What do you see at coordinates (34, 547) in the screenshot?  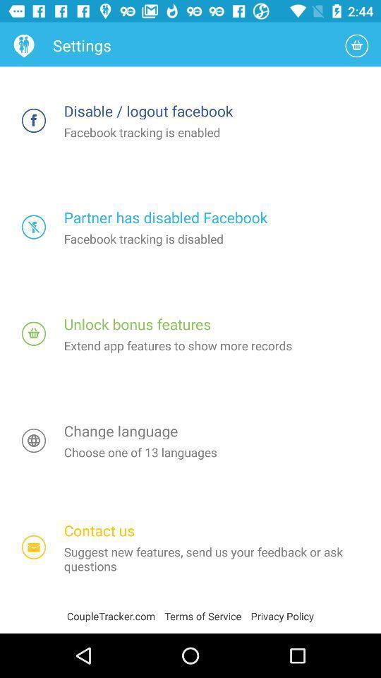 I see `the item to the left of contact us item` at bounding box center [34, 547].